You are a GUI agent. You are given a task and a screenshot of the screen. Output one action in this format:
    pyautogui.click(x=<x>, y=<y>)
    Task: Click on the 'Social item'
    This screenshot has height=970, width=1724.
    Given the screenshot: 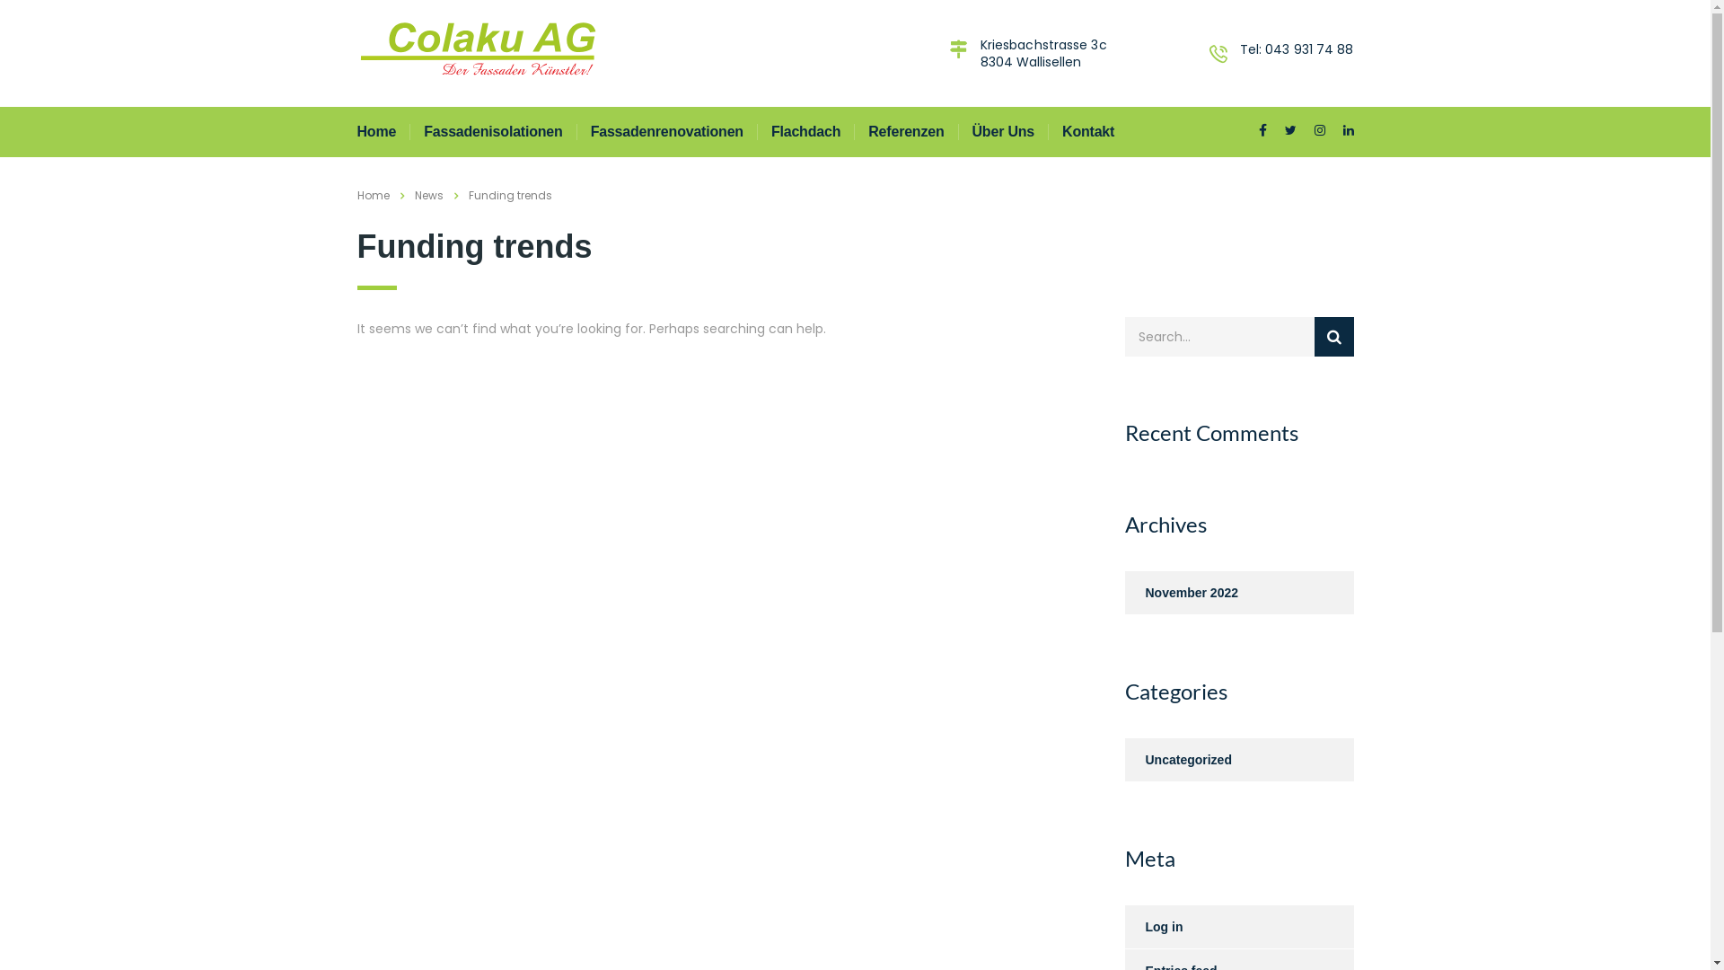 What is the action you would take?
    pyautogui.click(x=1257, y=130)
    